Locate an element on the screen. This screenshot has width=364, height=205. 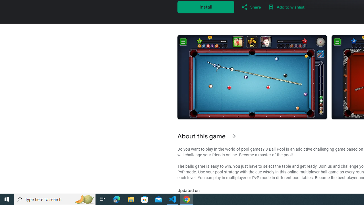
'Add to wishlist' is located at coordinates (286, 7).